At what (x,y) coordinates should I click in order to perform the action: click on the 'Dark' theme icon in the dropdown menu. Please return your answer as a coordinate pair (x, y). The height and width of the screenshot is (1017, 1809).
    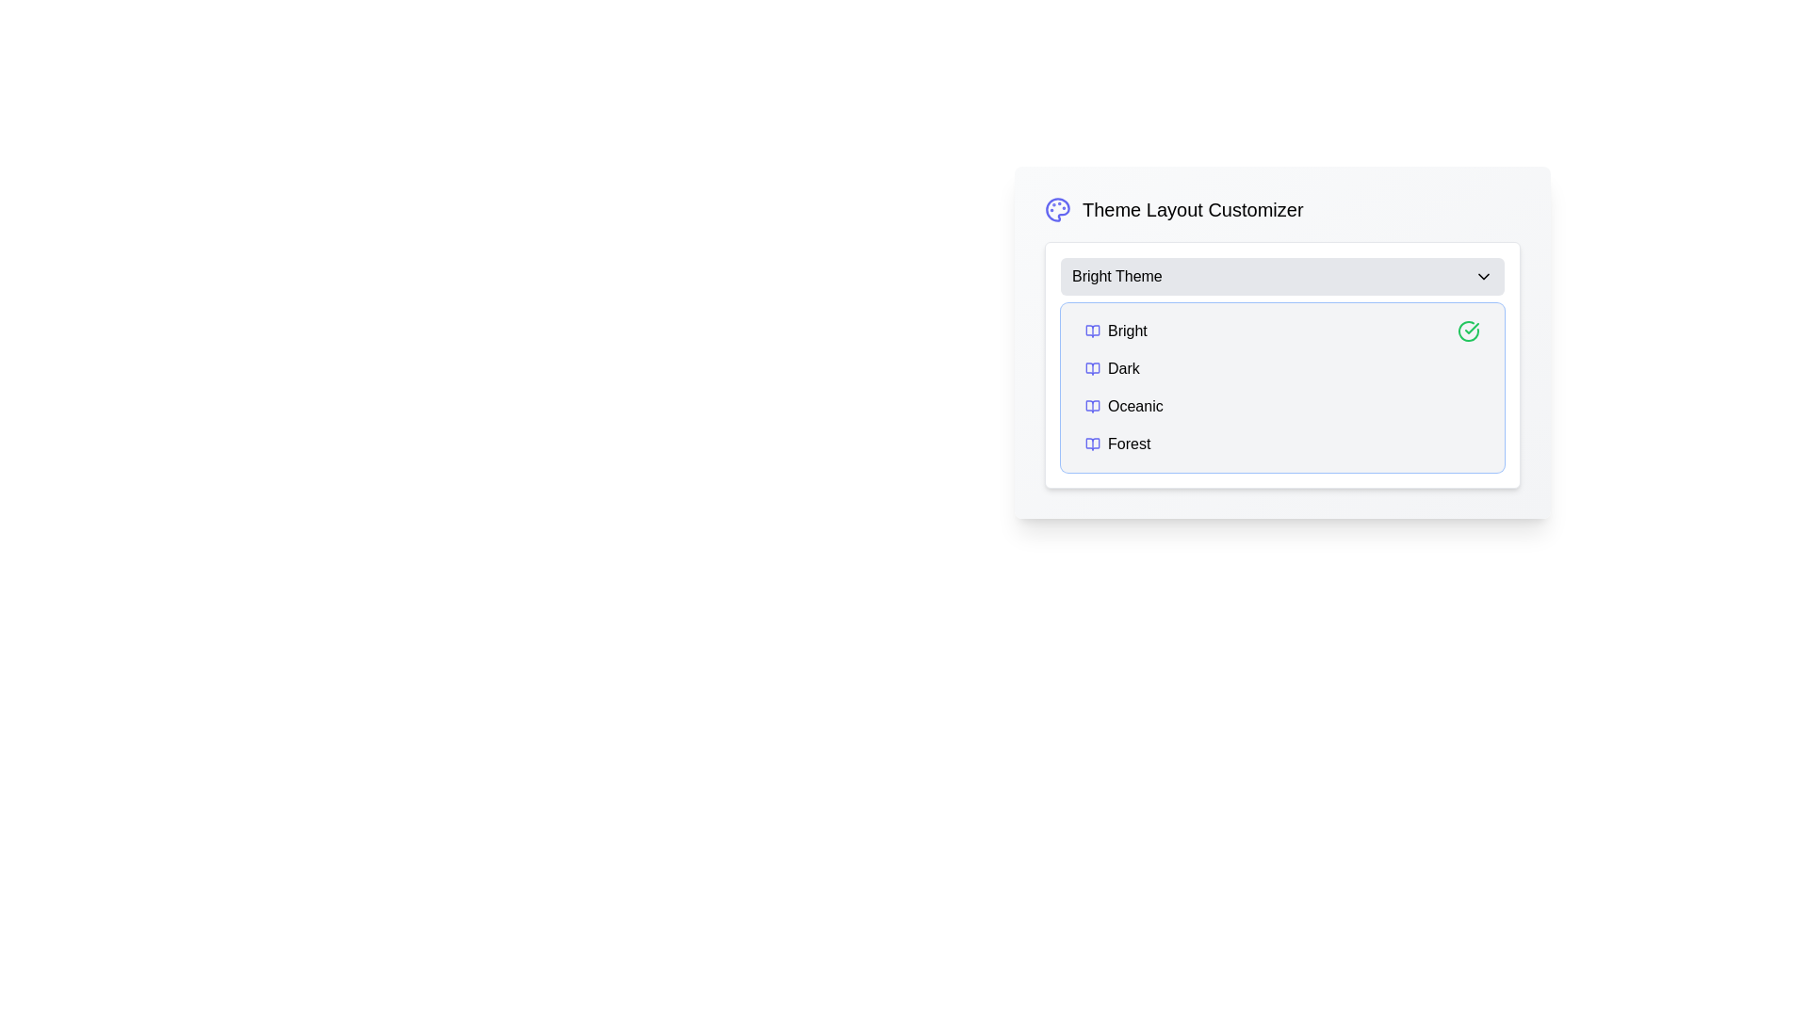
    Looking at the image, I should click on (1093, 369).